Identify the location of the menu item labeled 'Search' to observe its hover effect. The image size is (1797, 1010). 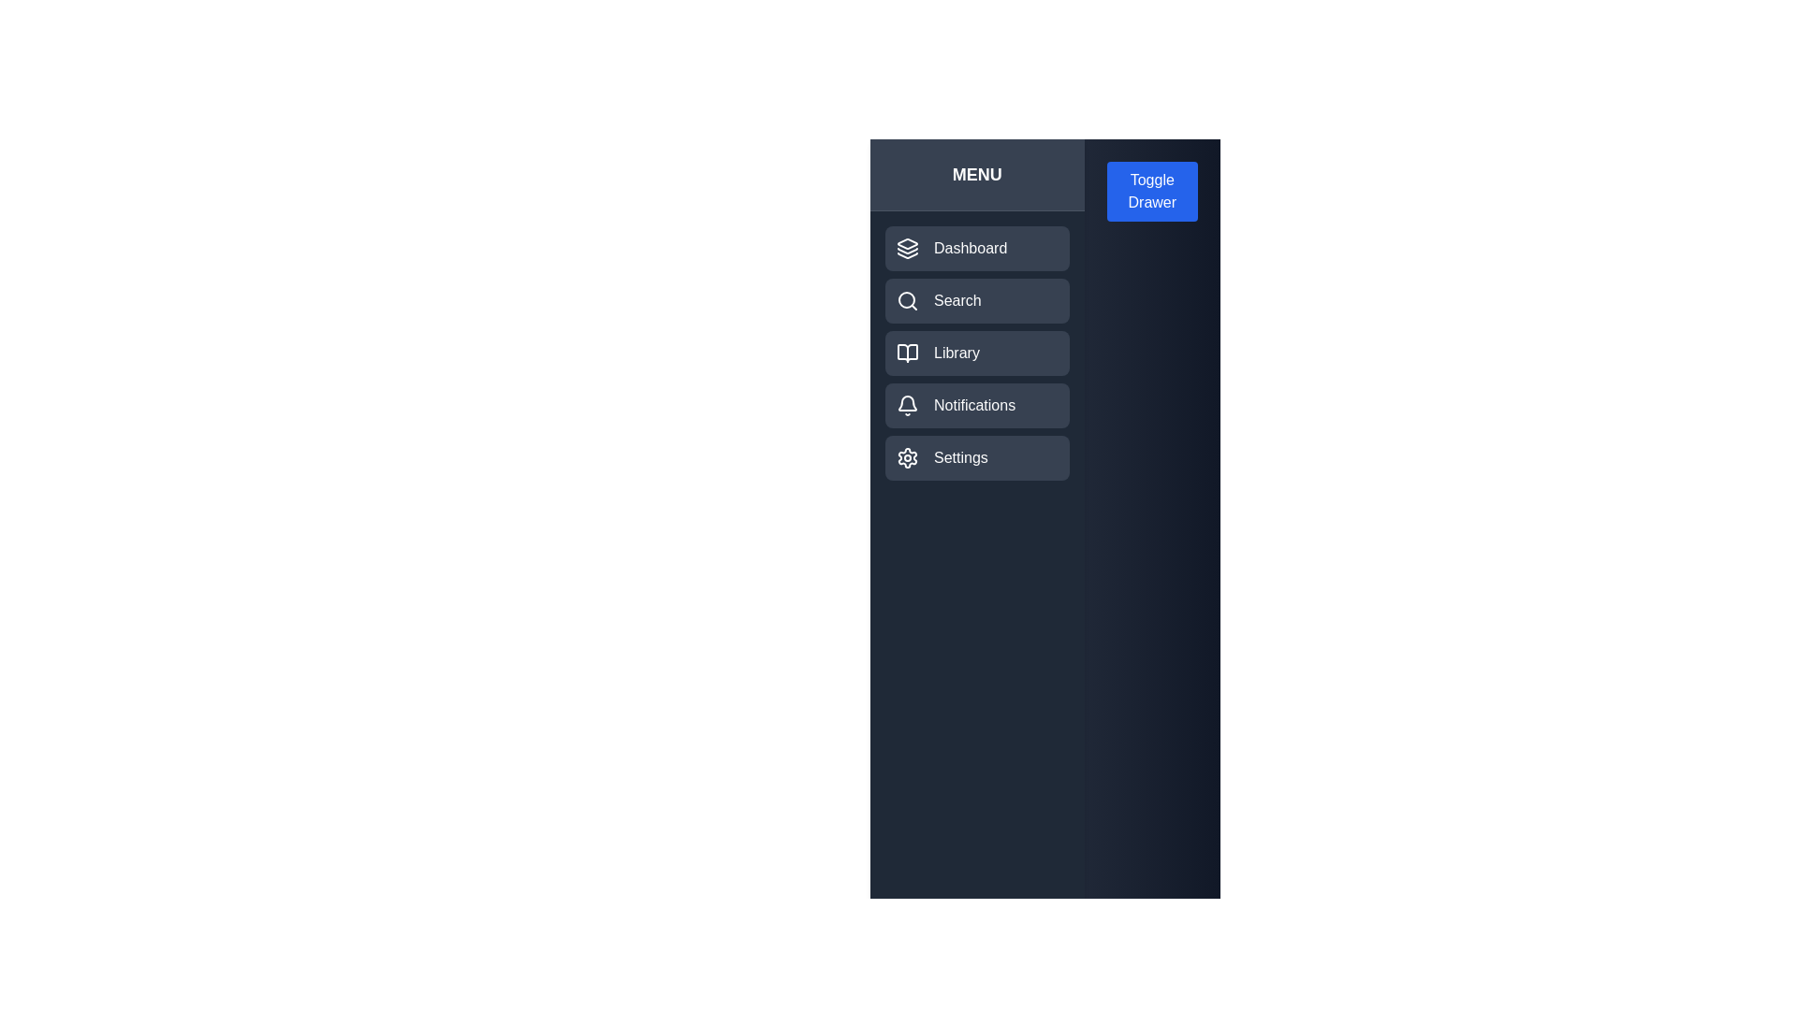
(975, 299).